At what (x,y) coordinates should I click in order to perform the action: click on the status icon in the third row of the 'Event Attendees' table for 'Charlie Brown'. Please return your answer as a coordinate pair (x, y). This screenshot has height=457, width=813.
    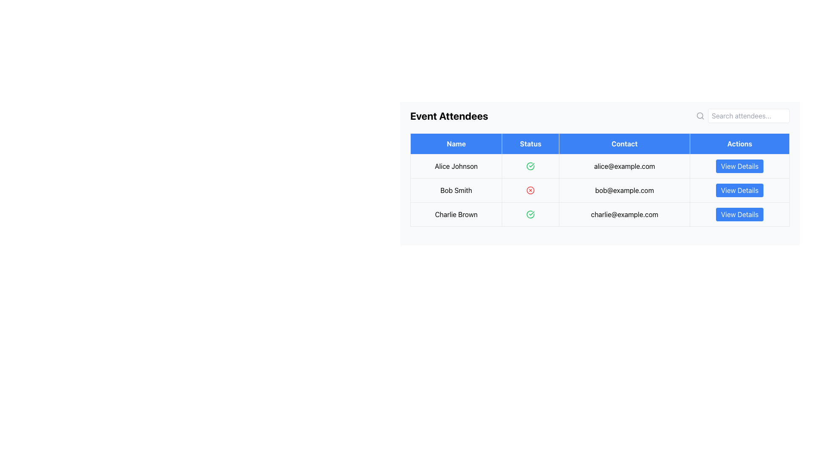
    Looking at the image, I should click on (530, 214).